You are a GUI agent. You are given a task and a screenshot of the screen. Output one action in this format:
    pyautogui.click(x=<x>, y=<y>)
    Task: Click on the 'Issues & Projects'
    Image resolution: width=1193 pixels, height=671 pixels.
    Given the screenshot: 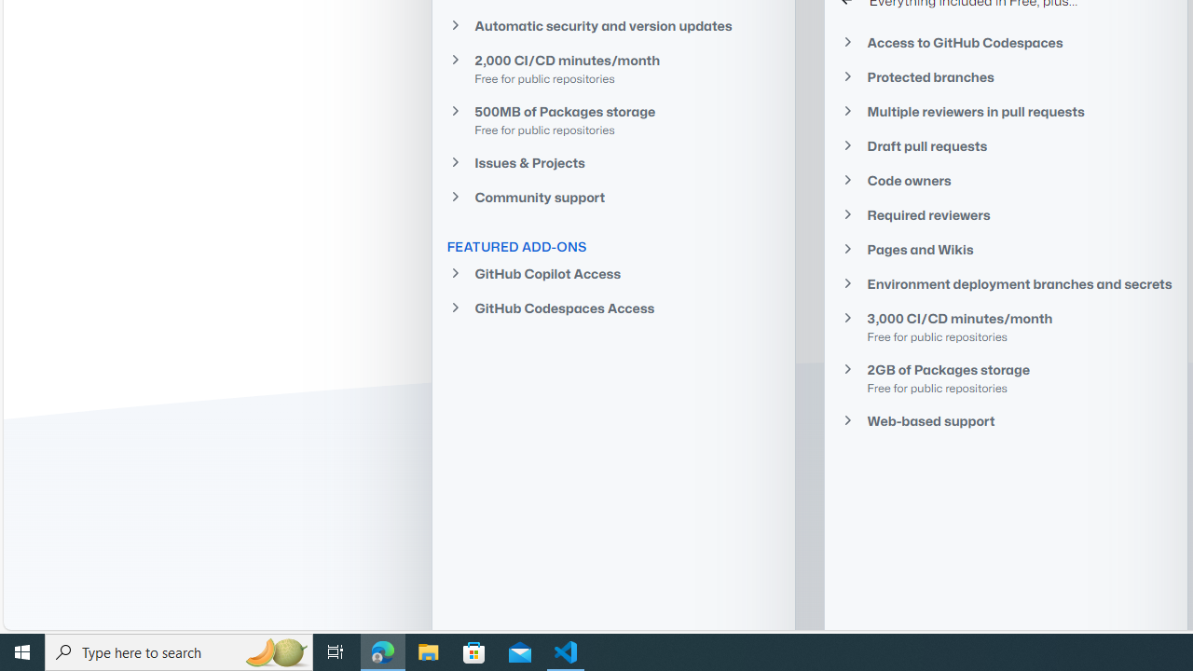 What is the action you would take?
    pyautogui.click(x=612, y=161)
    